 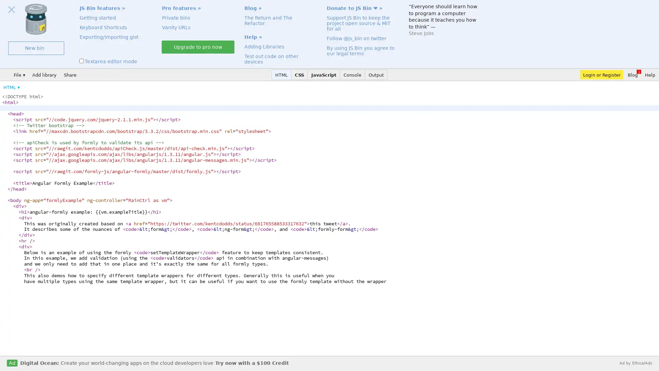 I want to click on Console Panel: Inactive, so click(x=352, y=75).